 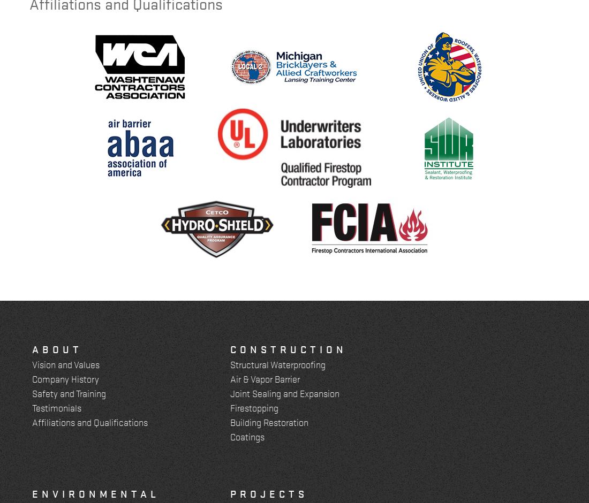 What do you see at coordinates (269, 493) in the screenshot?
I see `'Projects'` at bounding box center [269, 493].